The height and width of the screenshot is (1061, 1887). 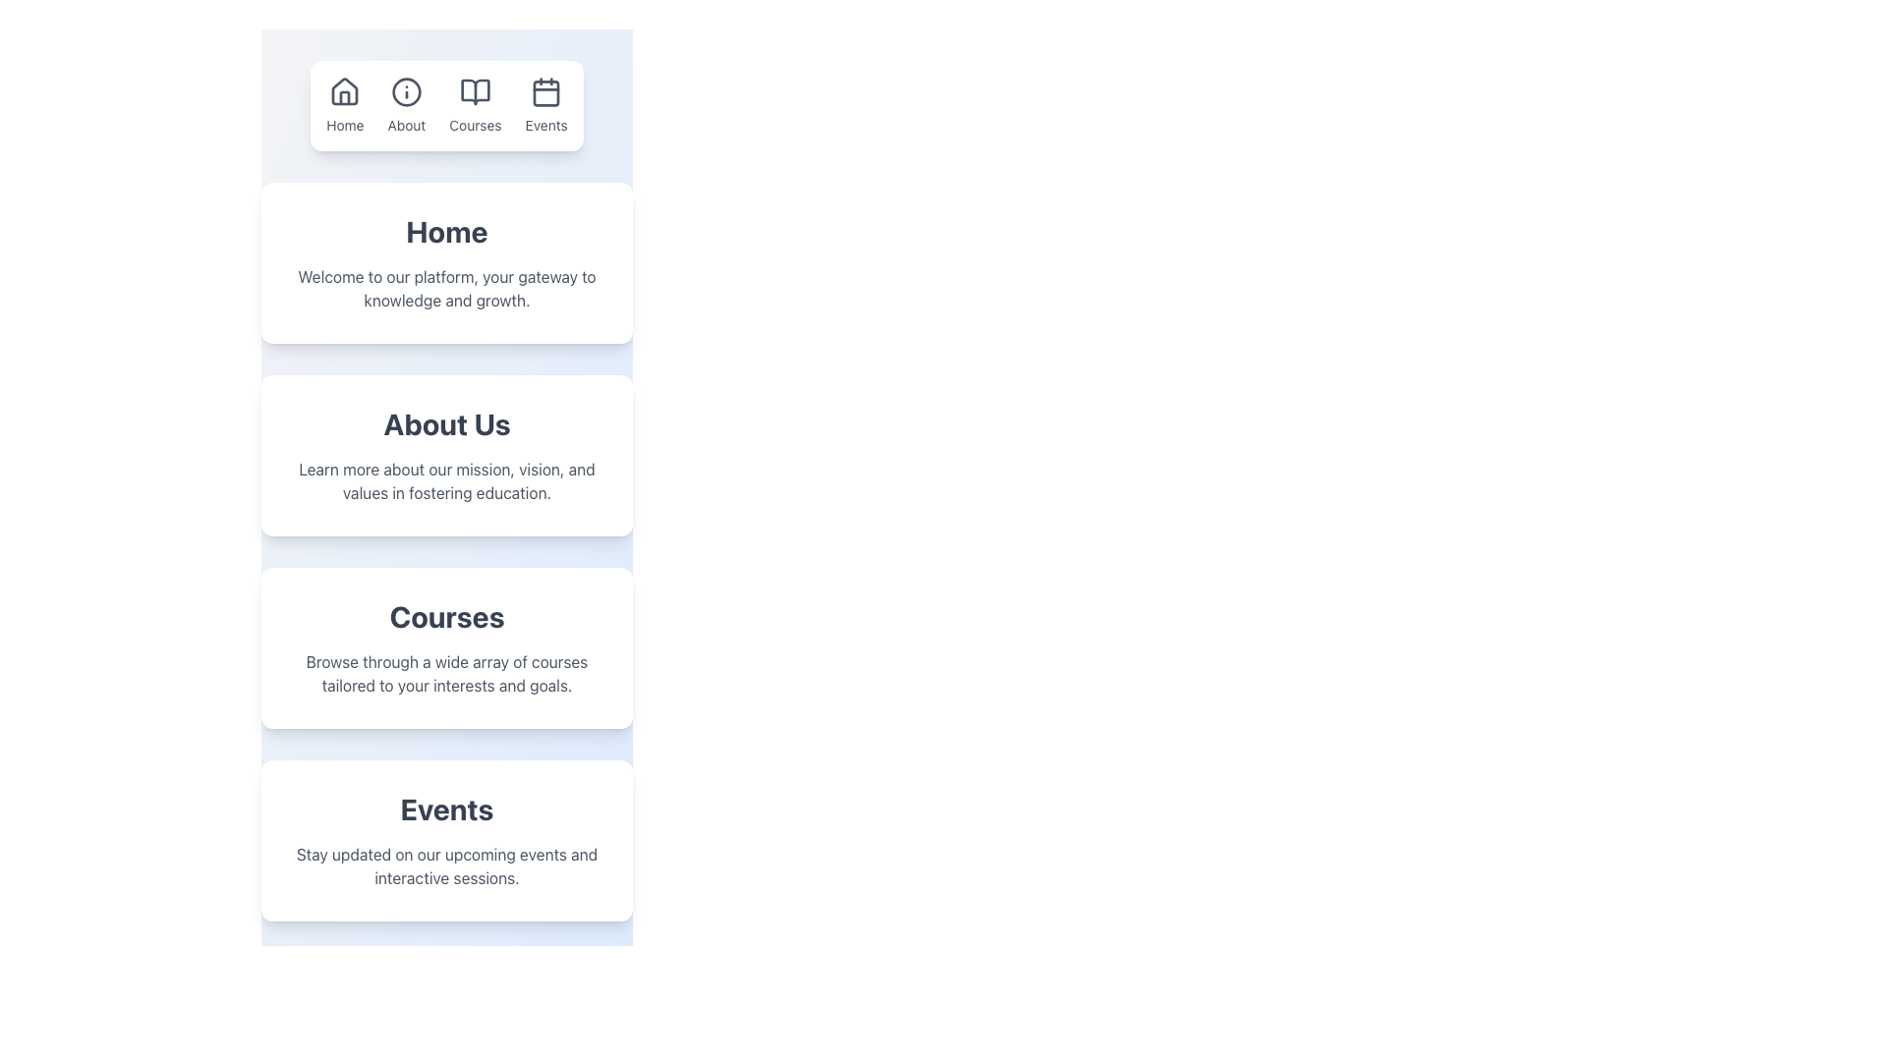 I want to click on the title text of the 'About Us' section, so click(x=446, y=423).